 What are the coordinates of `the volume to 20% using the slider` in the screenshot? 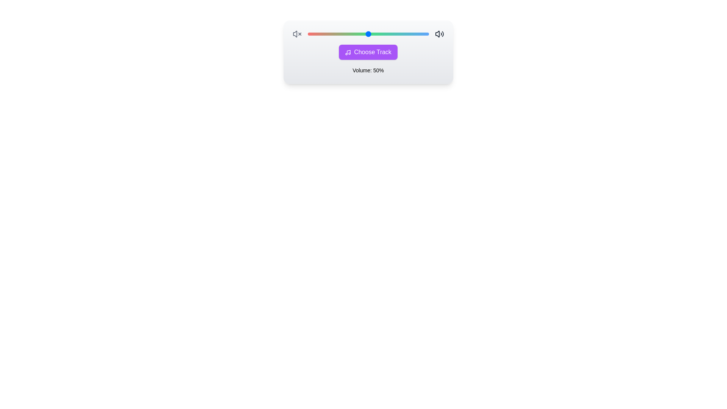 It's located at (332, 33).